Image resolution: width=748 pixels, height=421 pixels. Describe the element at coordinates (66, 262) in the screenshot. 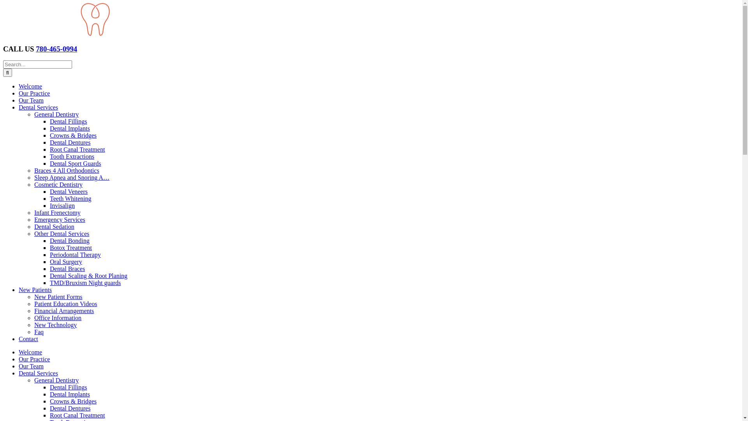

I see `'Oral Surgery'` at that location.